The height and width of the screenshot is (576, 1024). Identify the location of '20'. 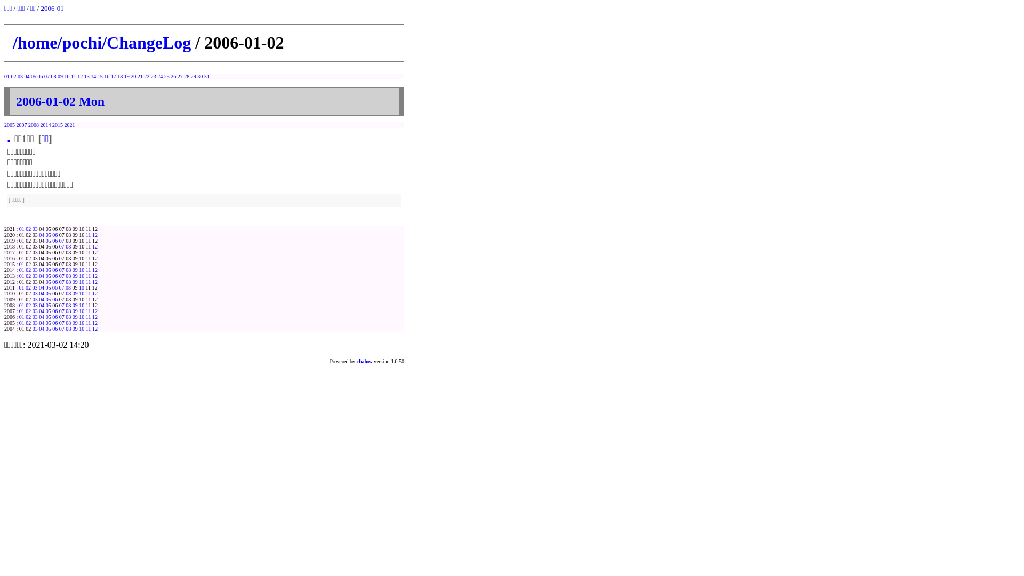
(132, 76).